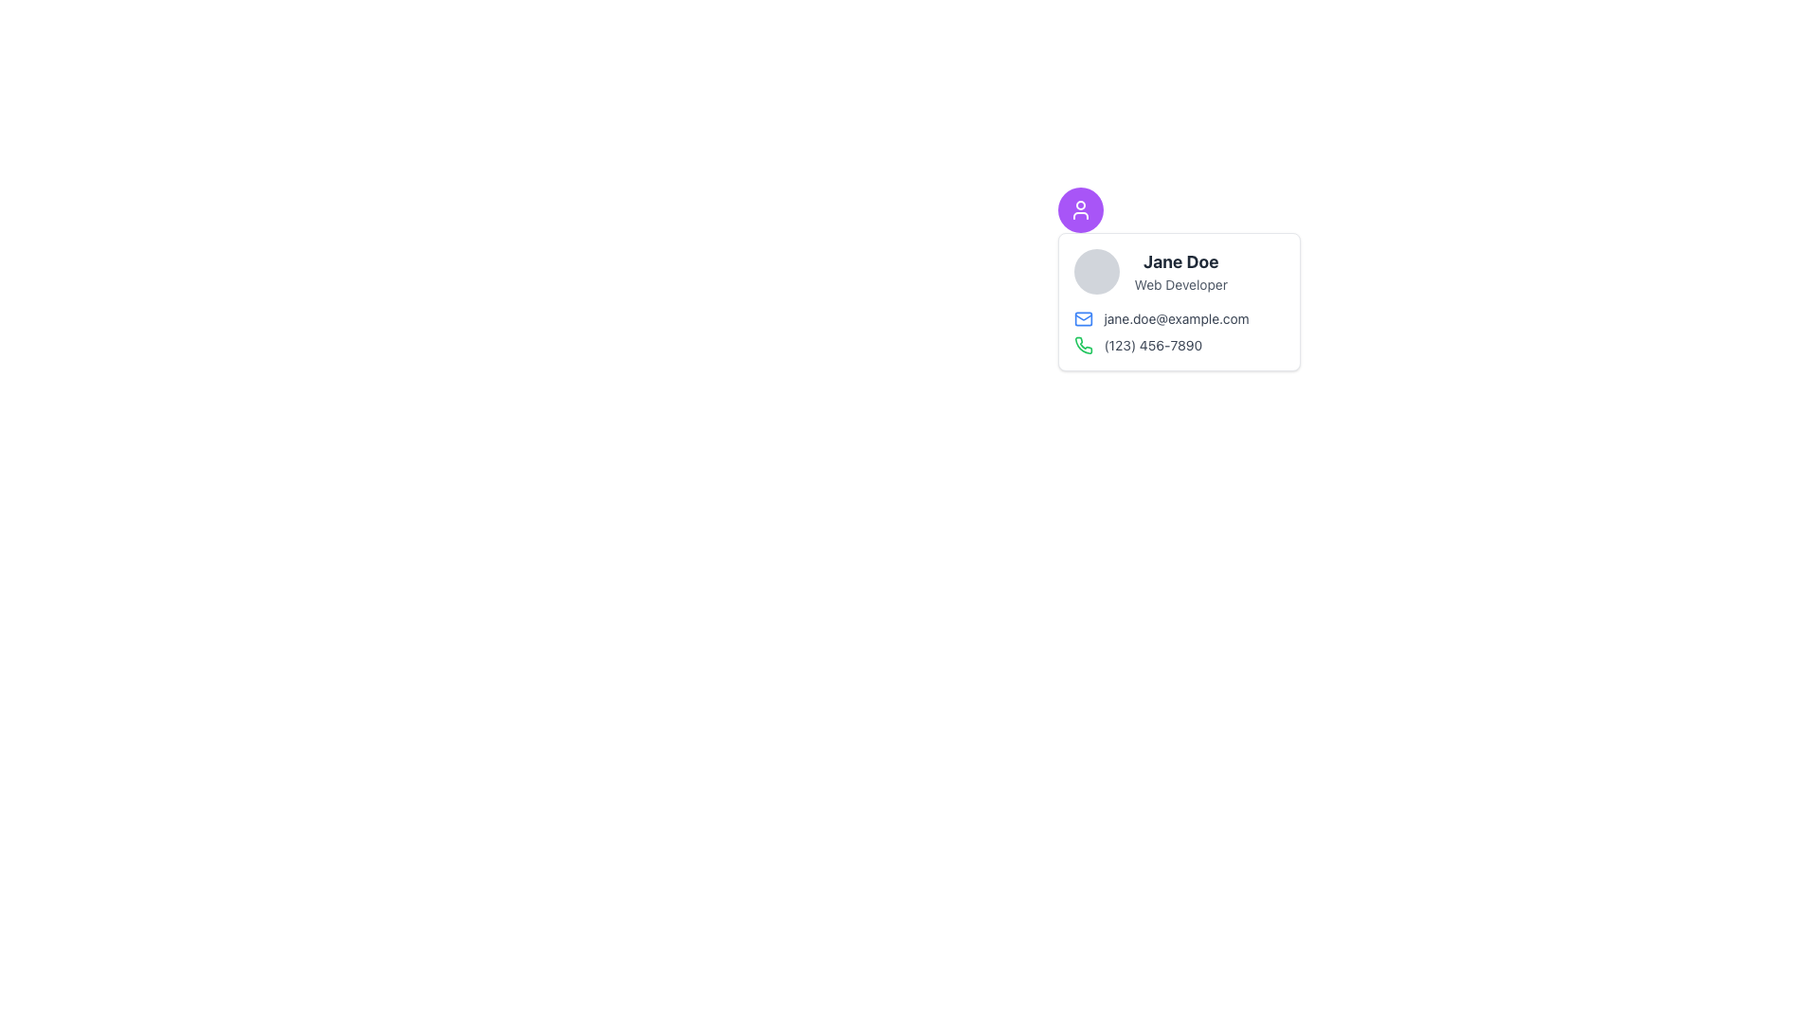 The height and width of the screenshot is (1023, 1819). Describe the element at coordinates (1178, 271) in the screenshot. I see `the profile name 'Jane Doe' in the Profile Information Display` at that location.